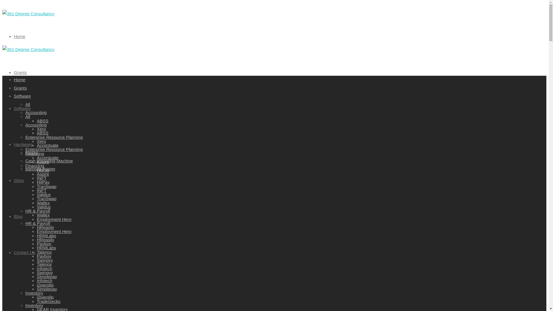 The width and height of the screenshot is (553, 311). I want to click on 'Financing', so click(34, 153).